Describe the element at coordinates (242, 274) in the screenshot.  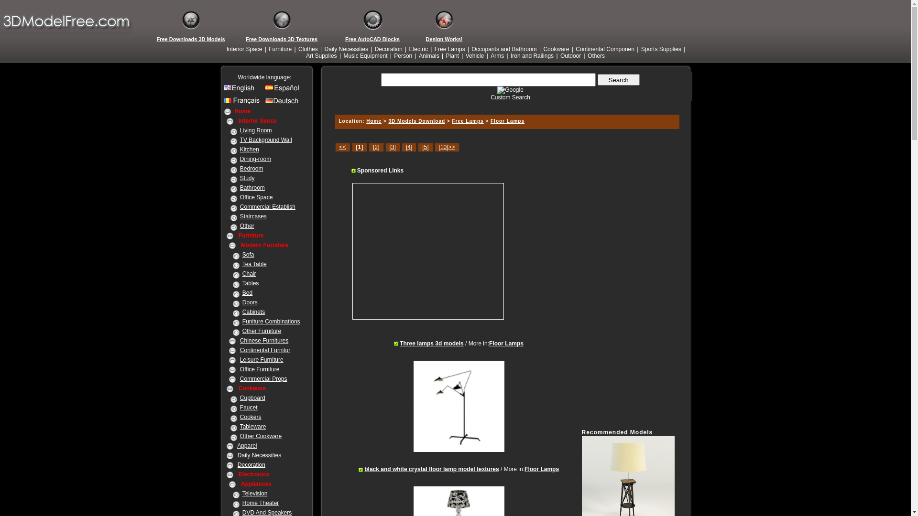
I see `'Chair'` at that location.